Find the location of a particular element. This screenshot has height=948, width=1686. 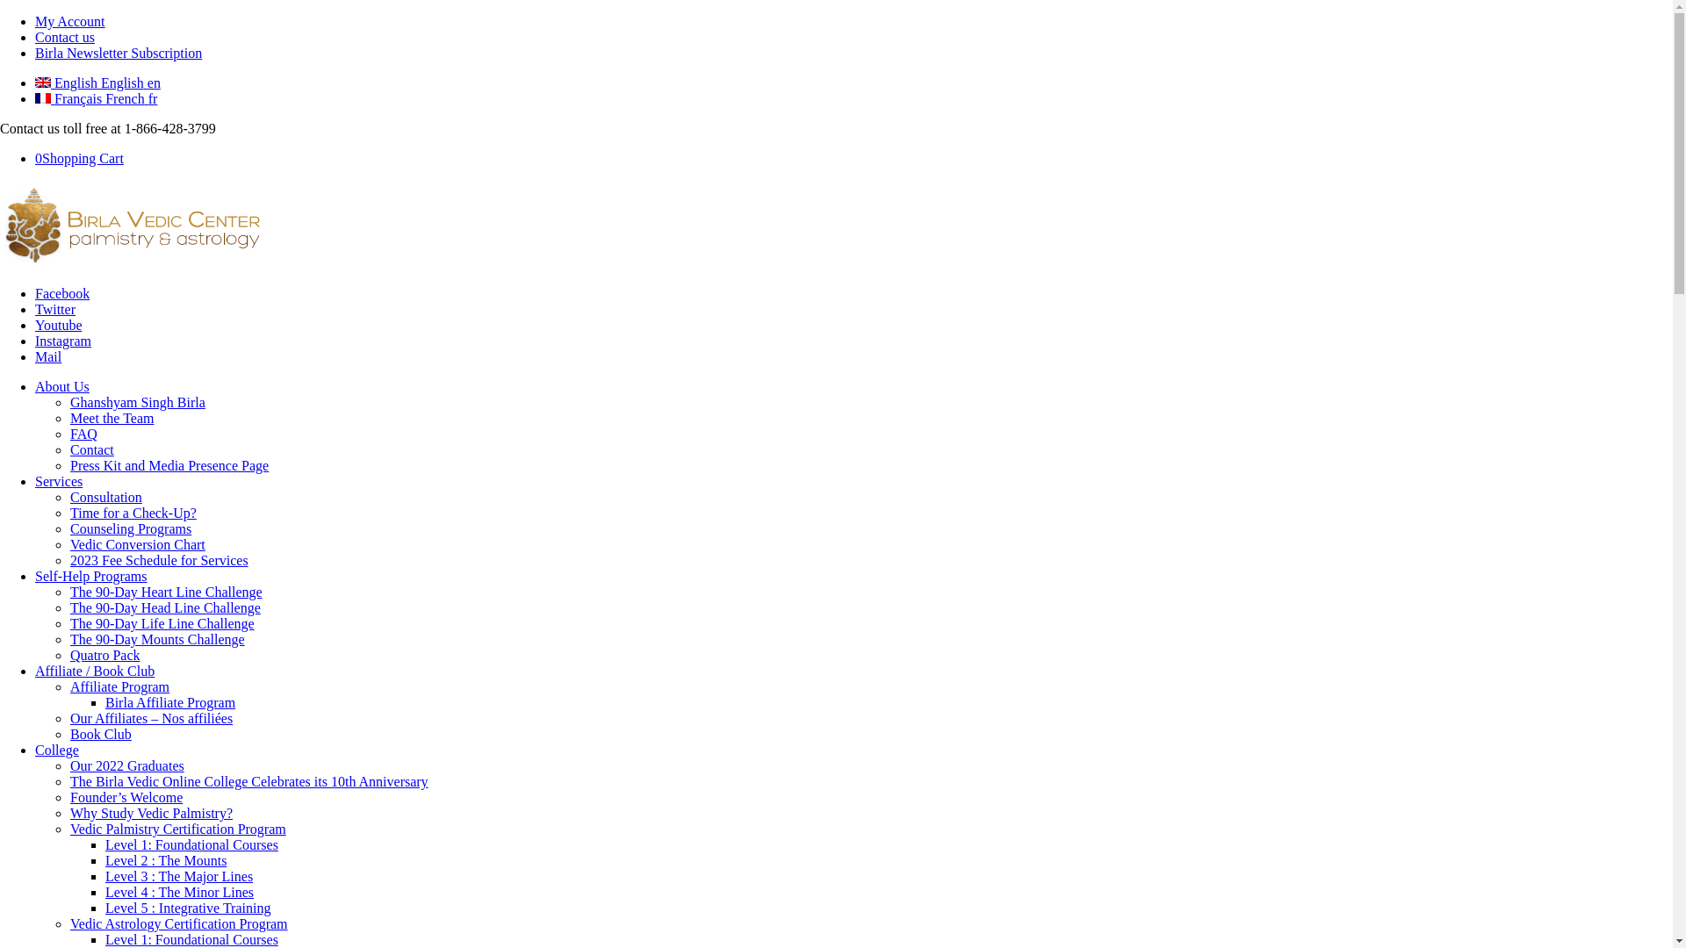

'logo-eng' is located at coordinates (130, 223).